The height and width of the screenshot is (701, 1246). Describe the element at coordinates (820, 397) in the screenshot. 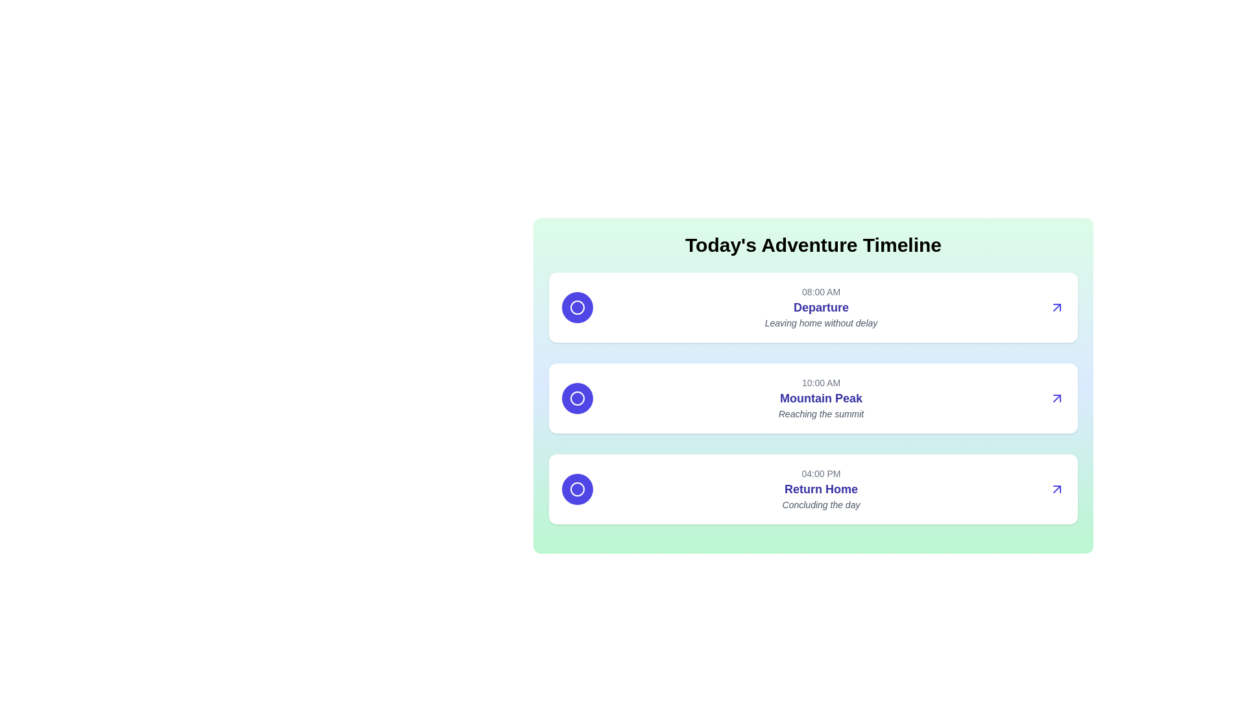

I see `the title text of the second timeline entry, which indicates the main activity or event associated with the displayed time` at that location.